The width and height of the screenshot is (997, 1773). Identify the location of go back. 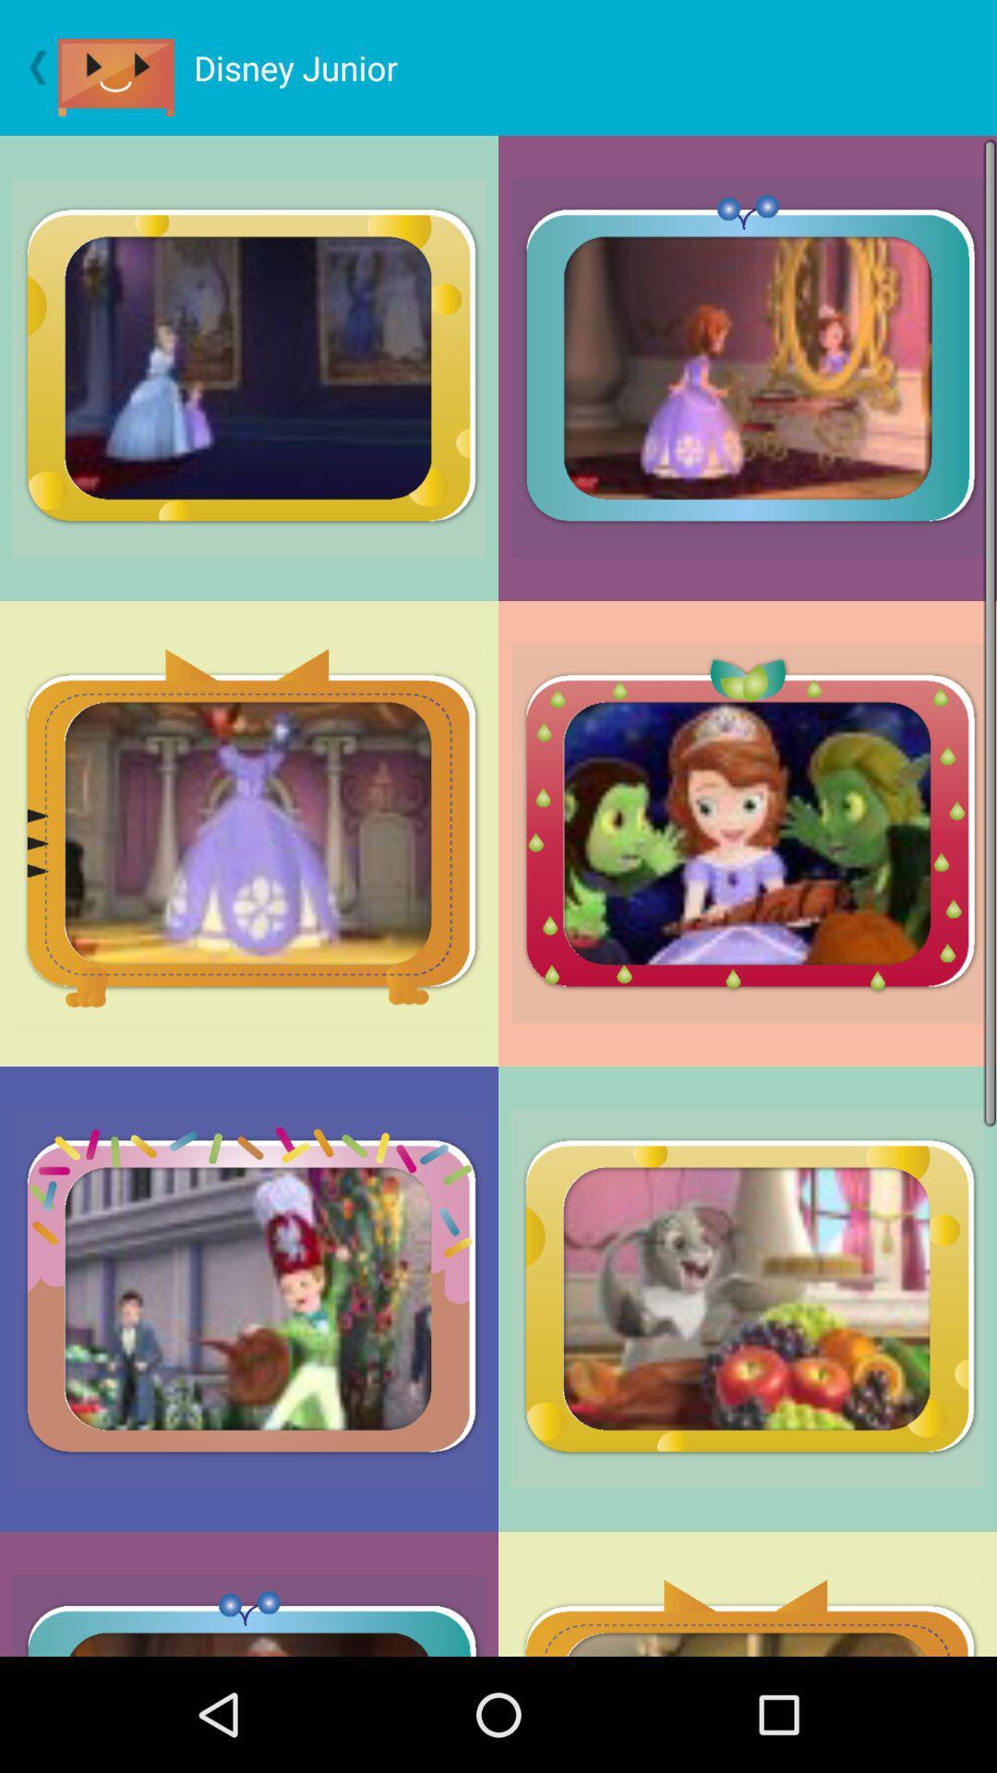
(29, 67).